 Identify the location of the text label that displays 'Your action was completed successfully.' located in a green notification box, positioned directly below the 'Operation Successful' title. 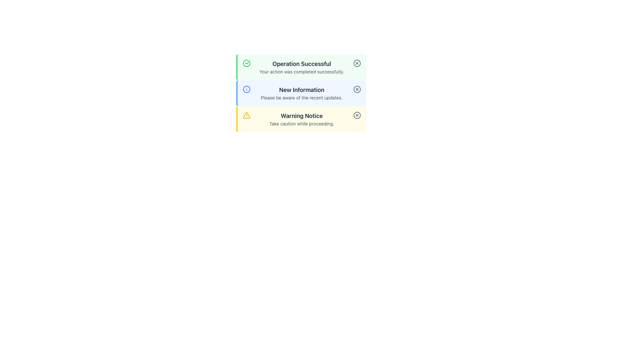
(301, 71).